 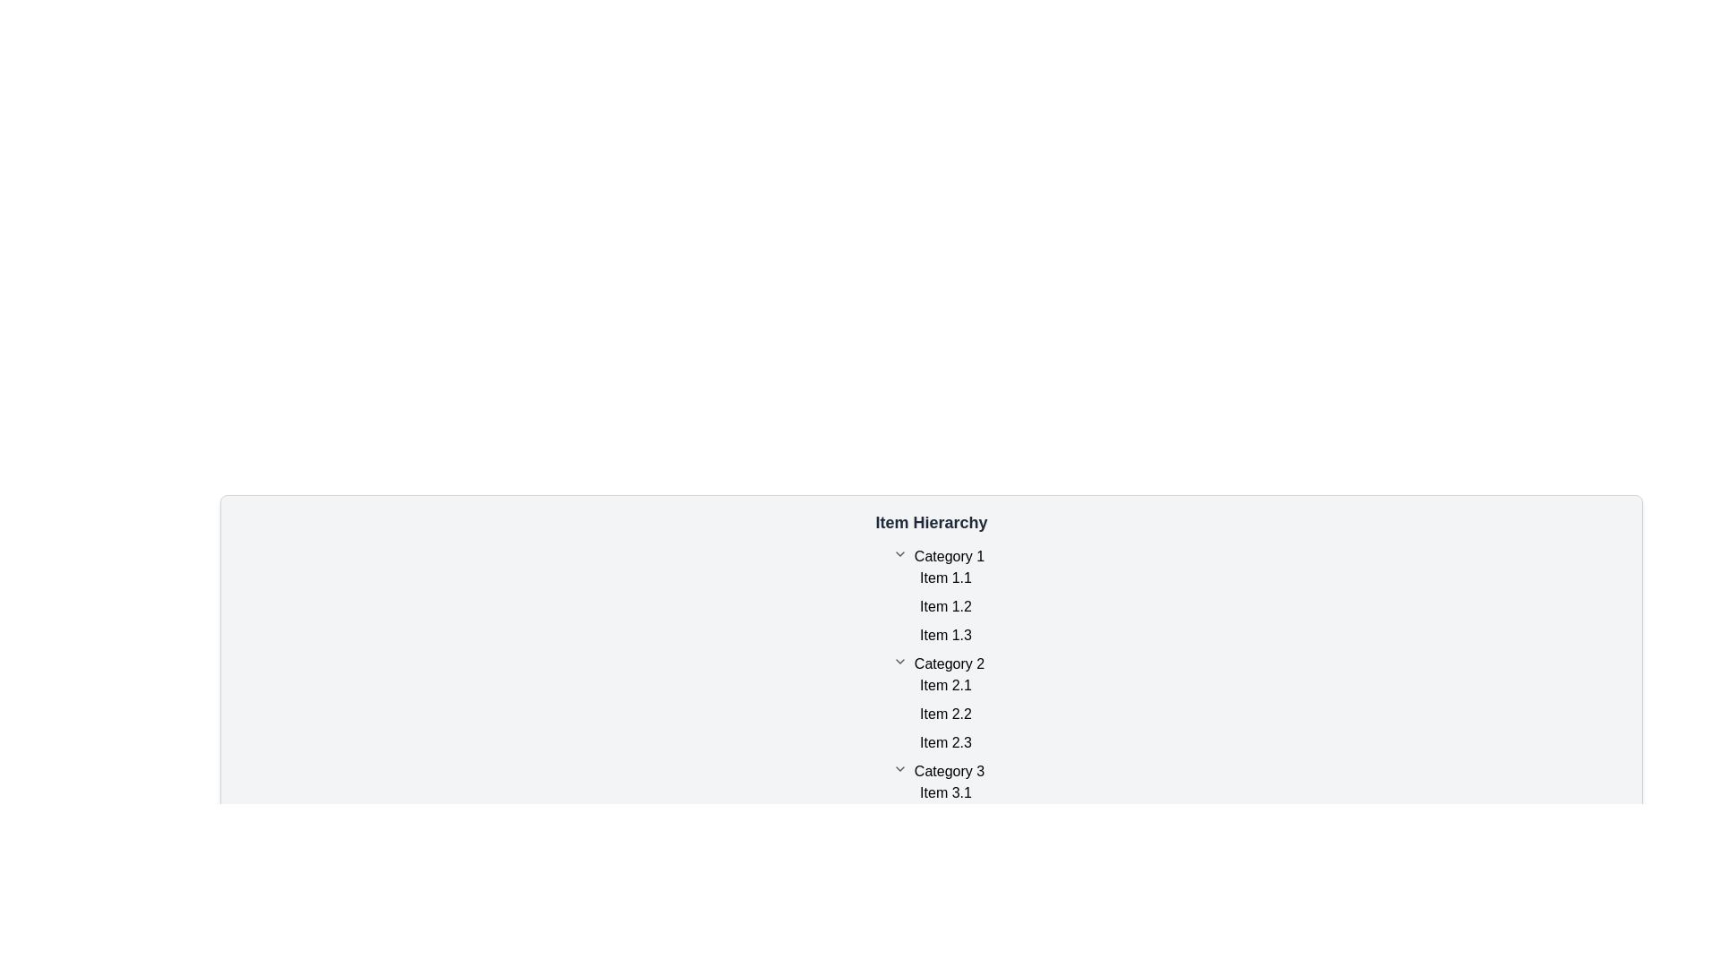 What do you see at coordinates (945, 684) in the screenshot?
I see `the Text Label representing the first item under 'Category 2' in the 'Item Hierarchy' list` at bounding box center [945, 684].